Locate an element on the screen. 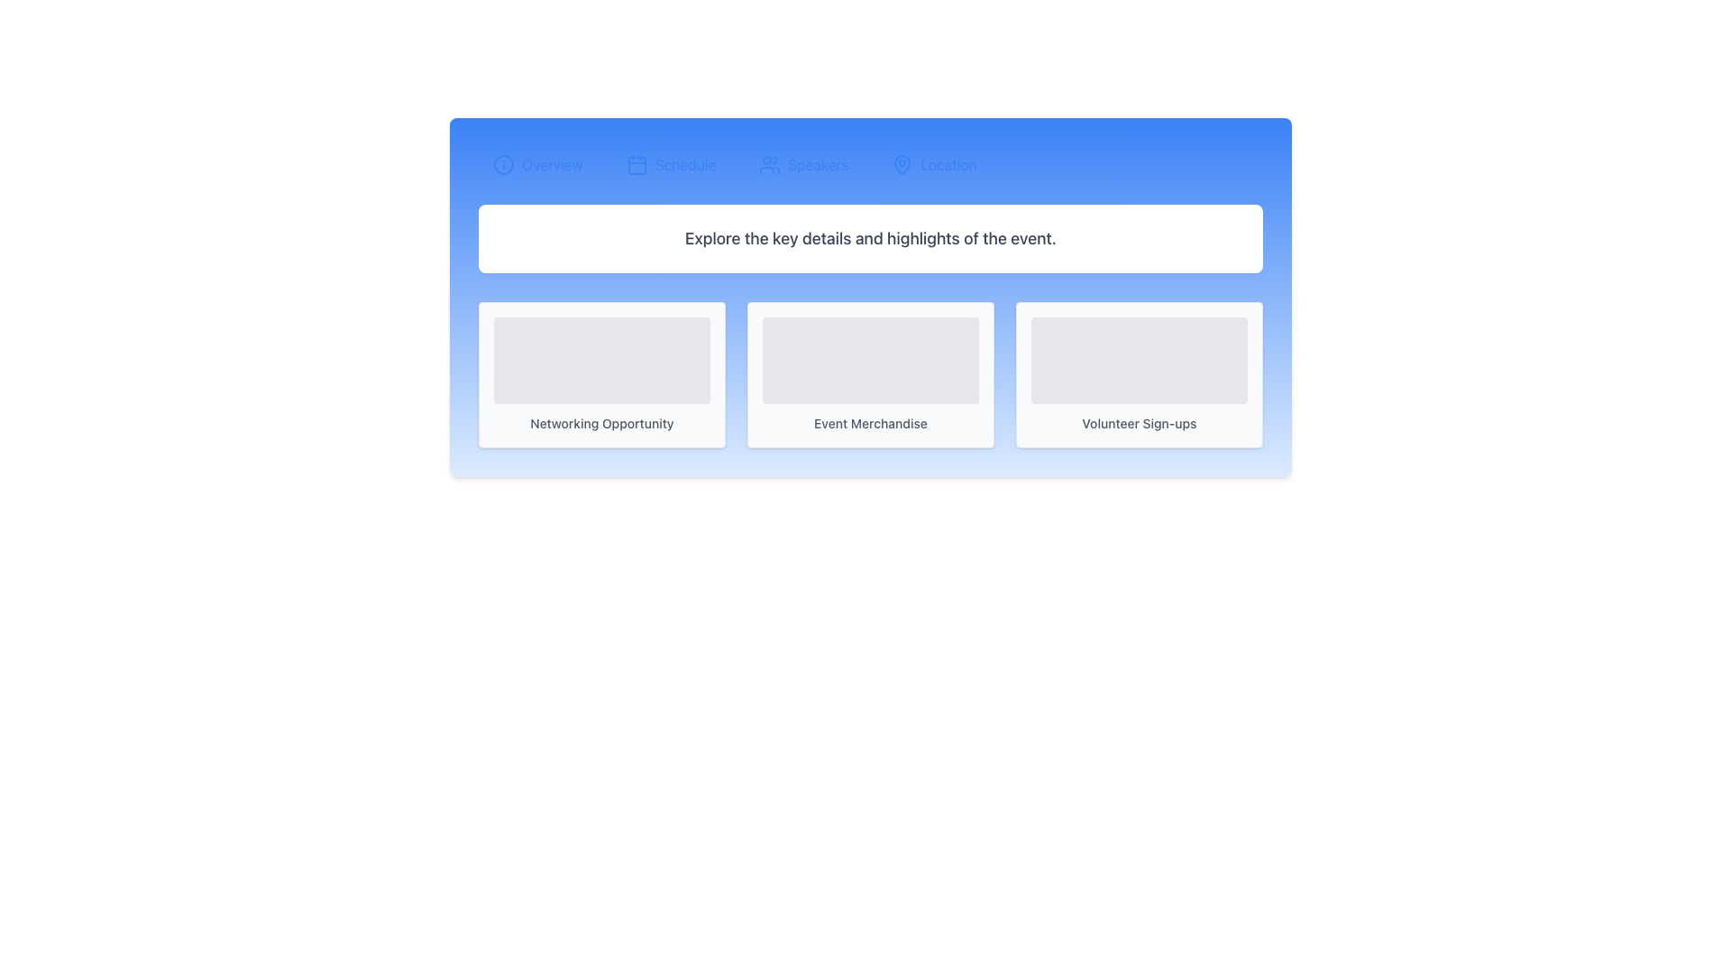 This screenshot has width=1731, height=974. the information card for signing up for volunteer activities, which is the third item in a row of three elements located in the bottom section of the interface is located at coordinates (1138, 374).